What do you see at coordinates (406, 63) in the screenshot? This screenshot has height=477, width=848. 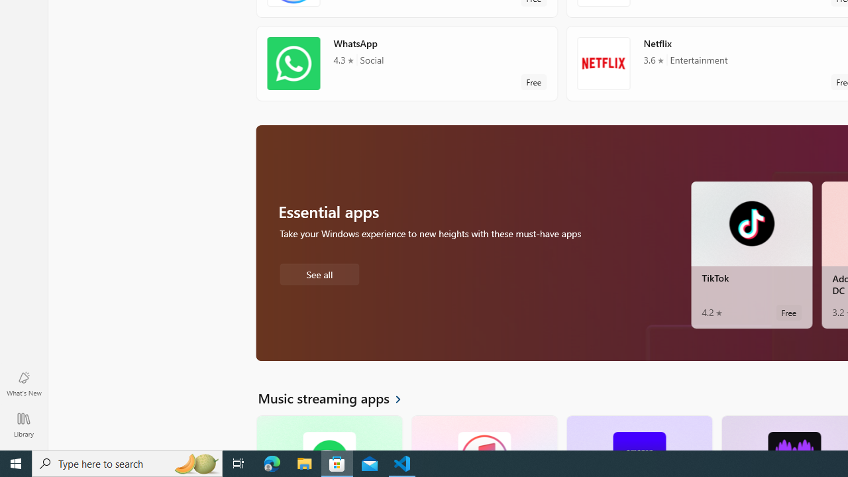 I see `'WhatsApp. Average rating of 4.3 out of five stars. Free  '` at bounding box center [406, 63].